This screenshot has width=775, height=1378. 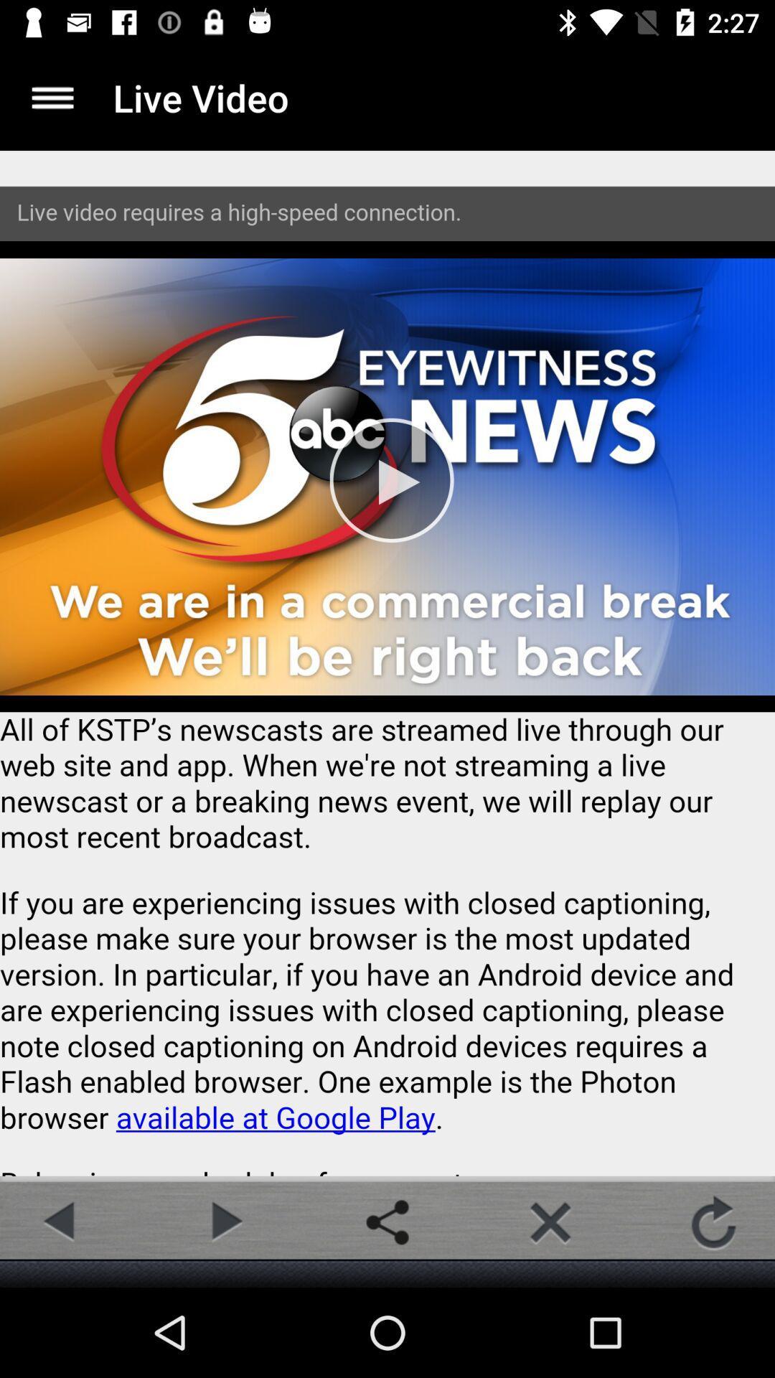 I want to click on the arrow_backward icon, so click(x=60, y=1222).